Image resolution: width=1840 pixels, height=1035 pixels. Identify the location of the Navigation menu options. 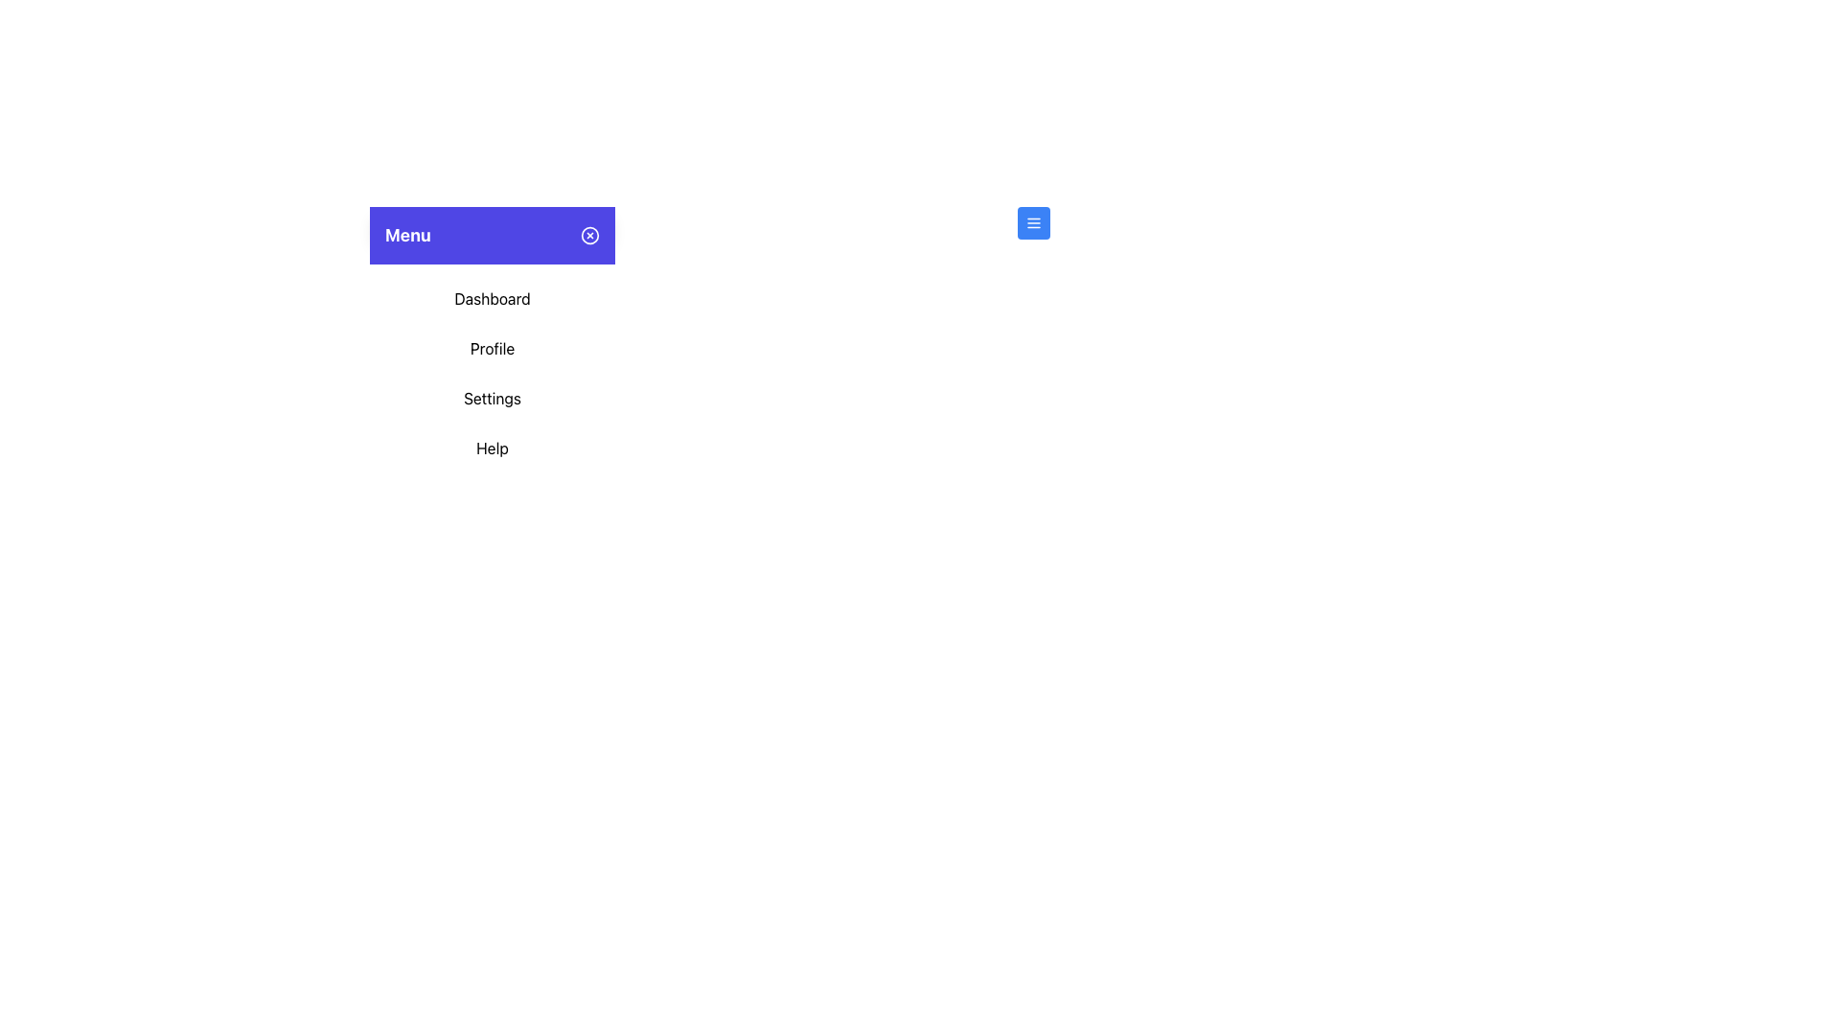
(492, 373).